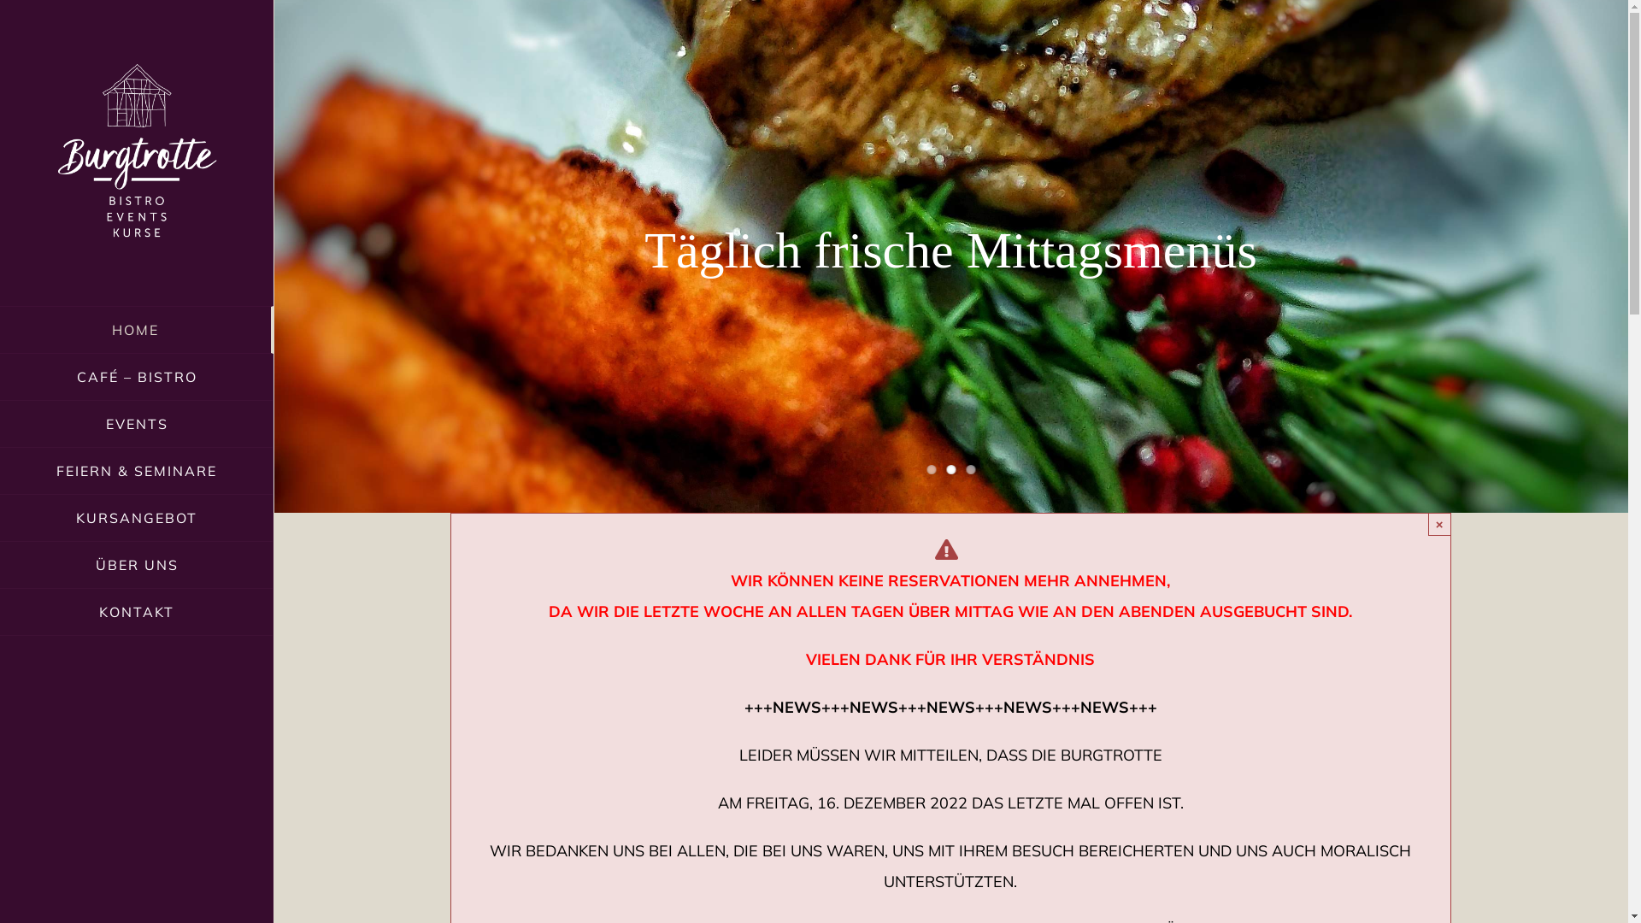 The image size is (1641, 923). I want to click on 'EVENTS', so click(135, 423).